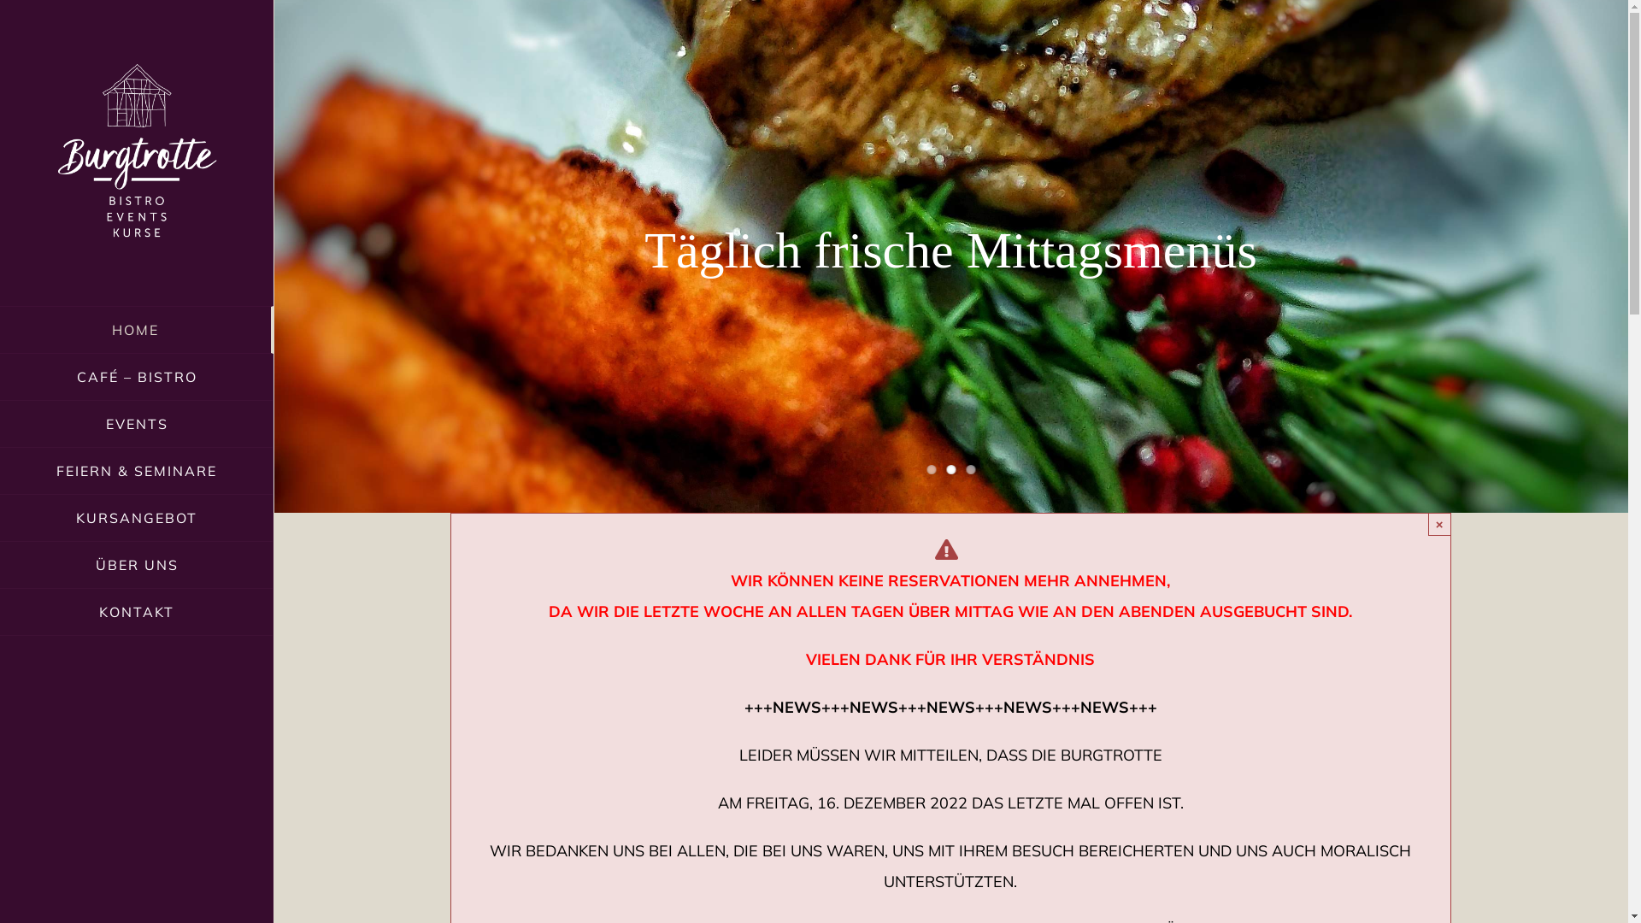 The image size is (1641, 923). I want to click on 'EVENTS', so click(135, 423).